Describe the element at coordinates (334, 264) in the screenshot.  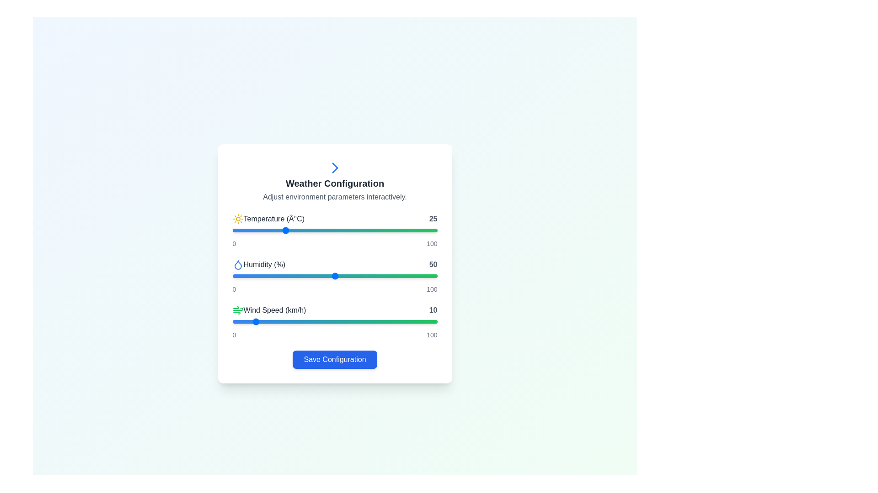
I see `the 'Humidity (%)' informational display element that shows the current value of '50' in the 'Weather Configuration' panel` at that location.